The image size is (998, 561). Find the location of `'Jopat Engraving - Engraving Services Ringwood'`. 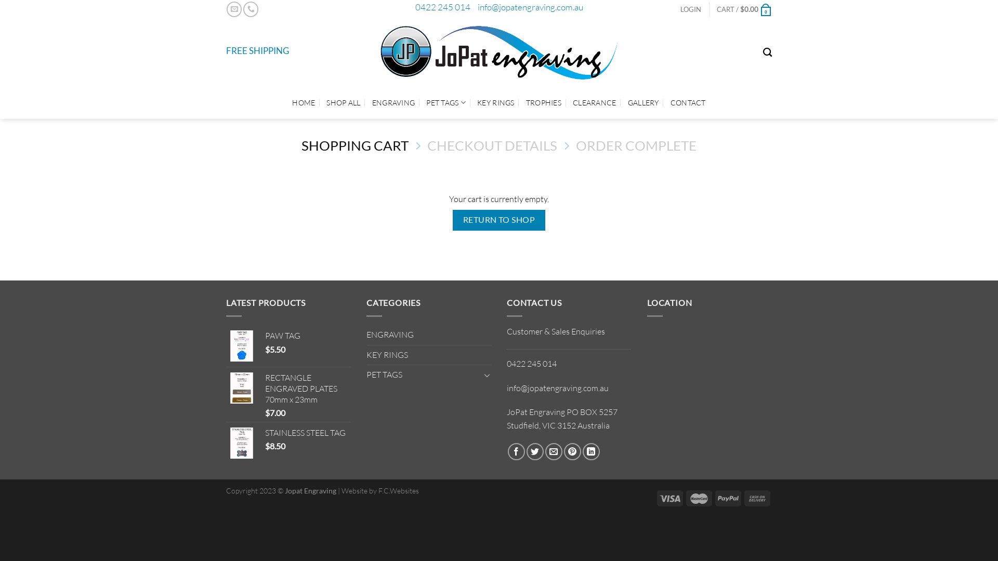

'Jopat Engraving - Engraving Services Ringwood' is located at coordinates (499, 52).